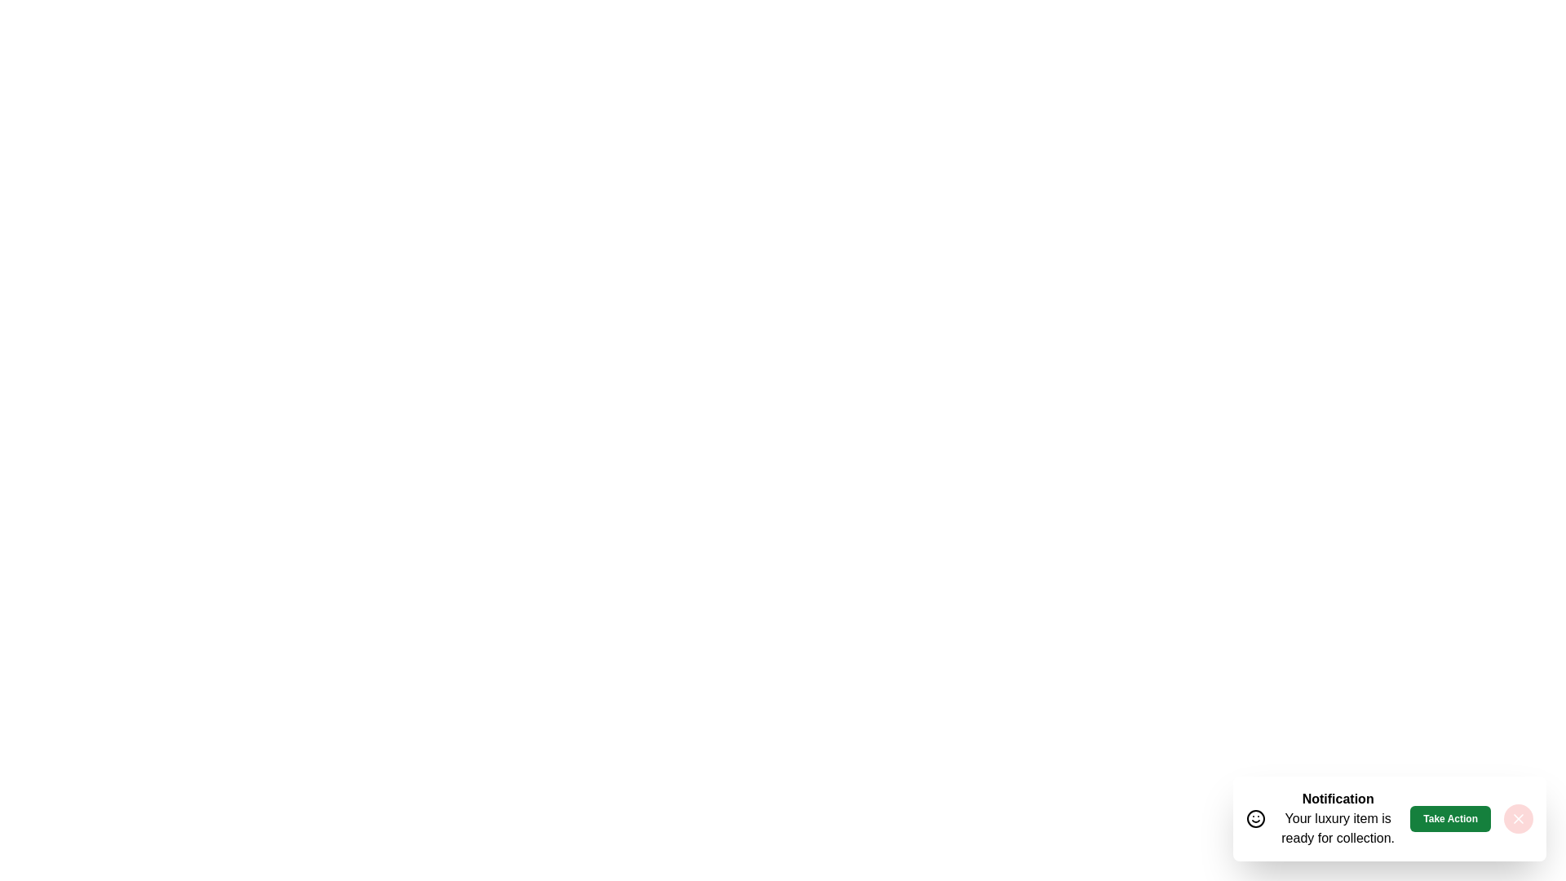 The image size is (1566, 881). What do you see at coordinates (1518, 818) in the screenshot?
I see `the close button to close the snackbar` at bounding box center [1518, 818].